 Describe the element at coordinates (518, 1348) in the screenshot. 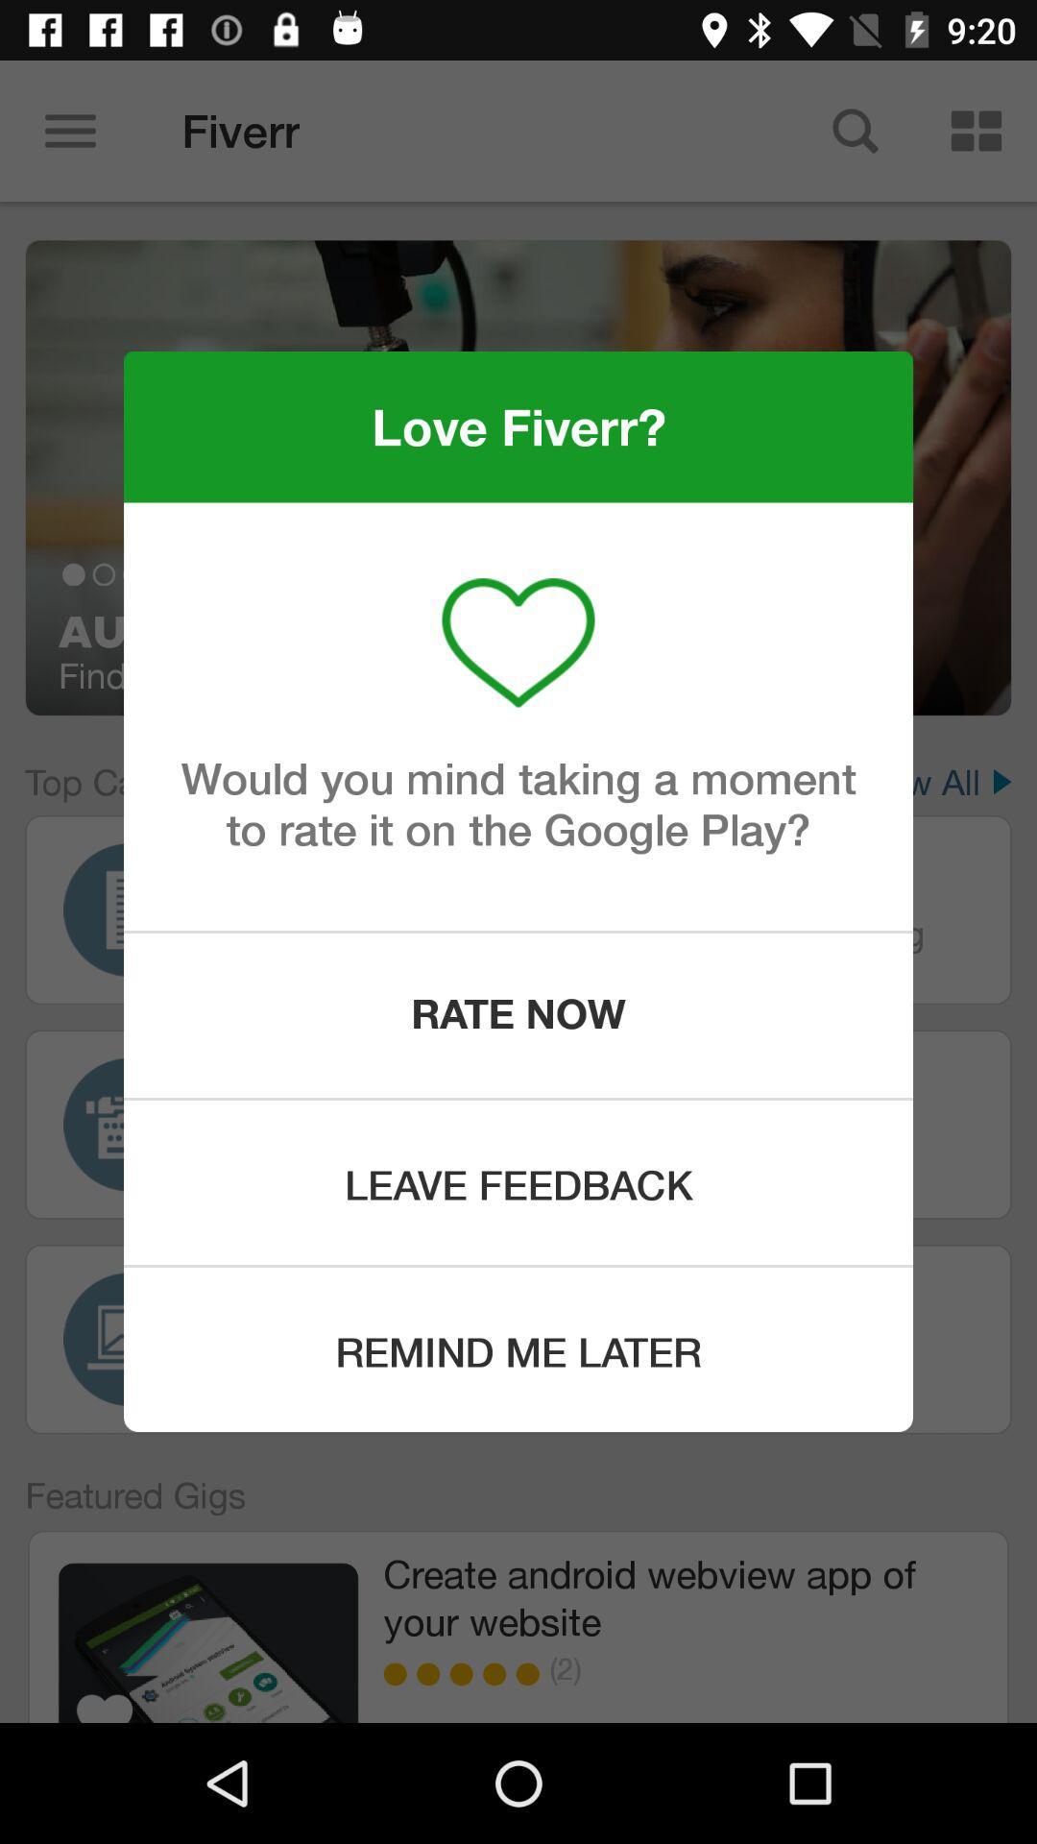

I see `remind me later icon` at that location.